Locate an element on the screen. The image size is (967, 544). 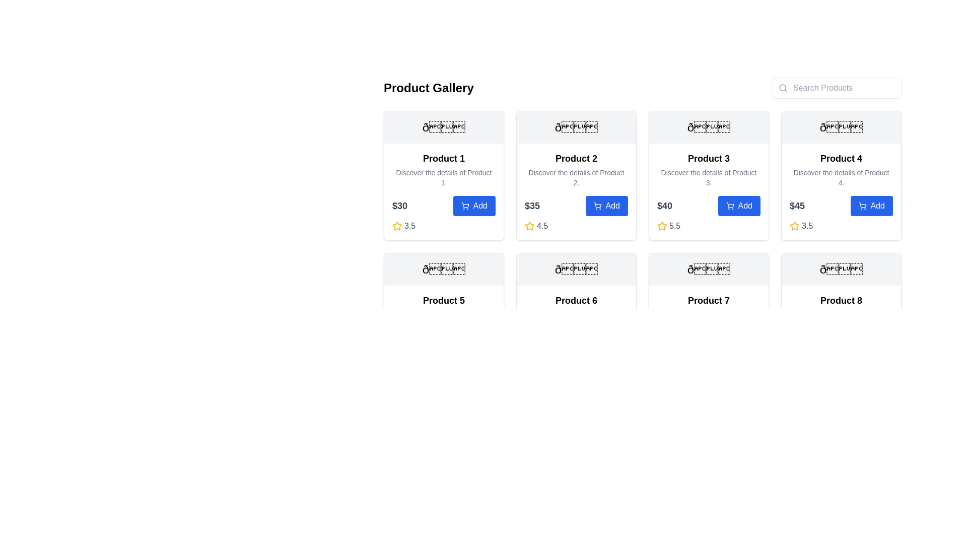
the 'Add' button located in the bottom-right corner of the 'Product 3' card is located at coordinates (739, 205).